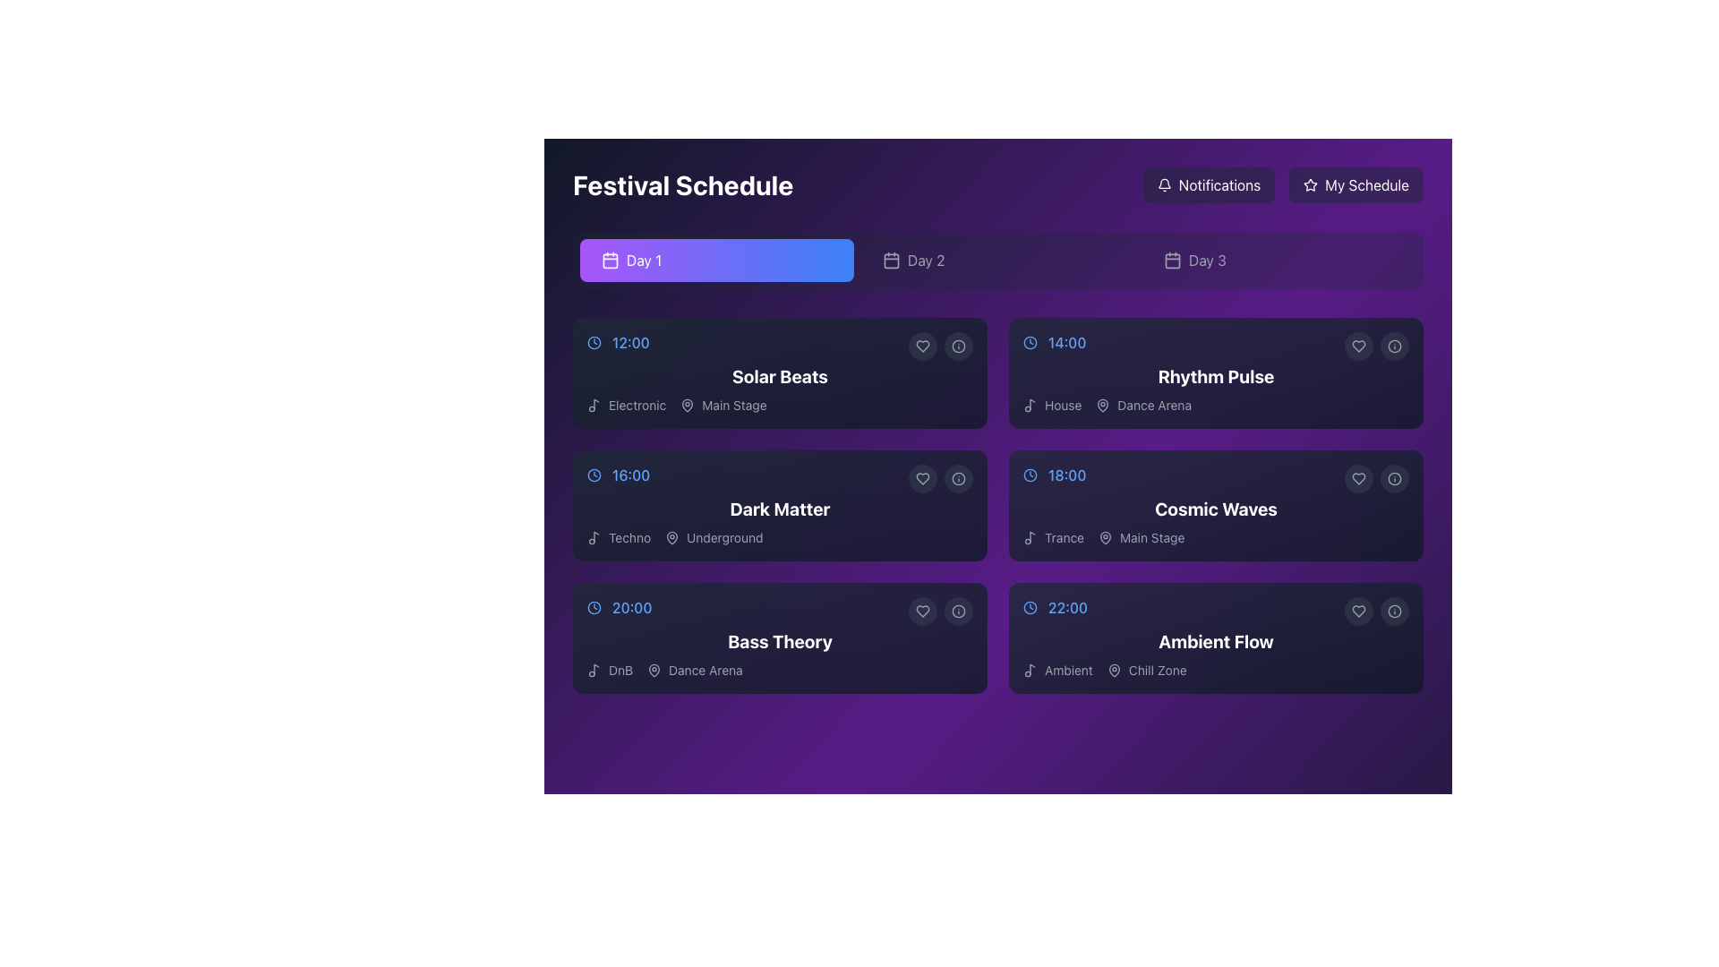 Image resolution: width=1719 pixels, height=967 pixels. Describe the element at coordinates (687, 405) in the screenshot. I see `the map pin icon located to the left of the 'Main Stage' text in the 'Solar Beats' schedule entry under the 'Day 1' tab` at that location.